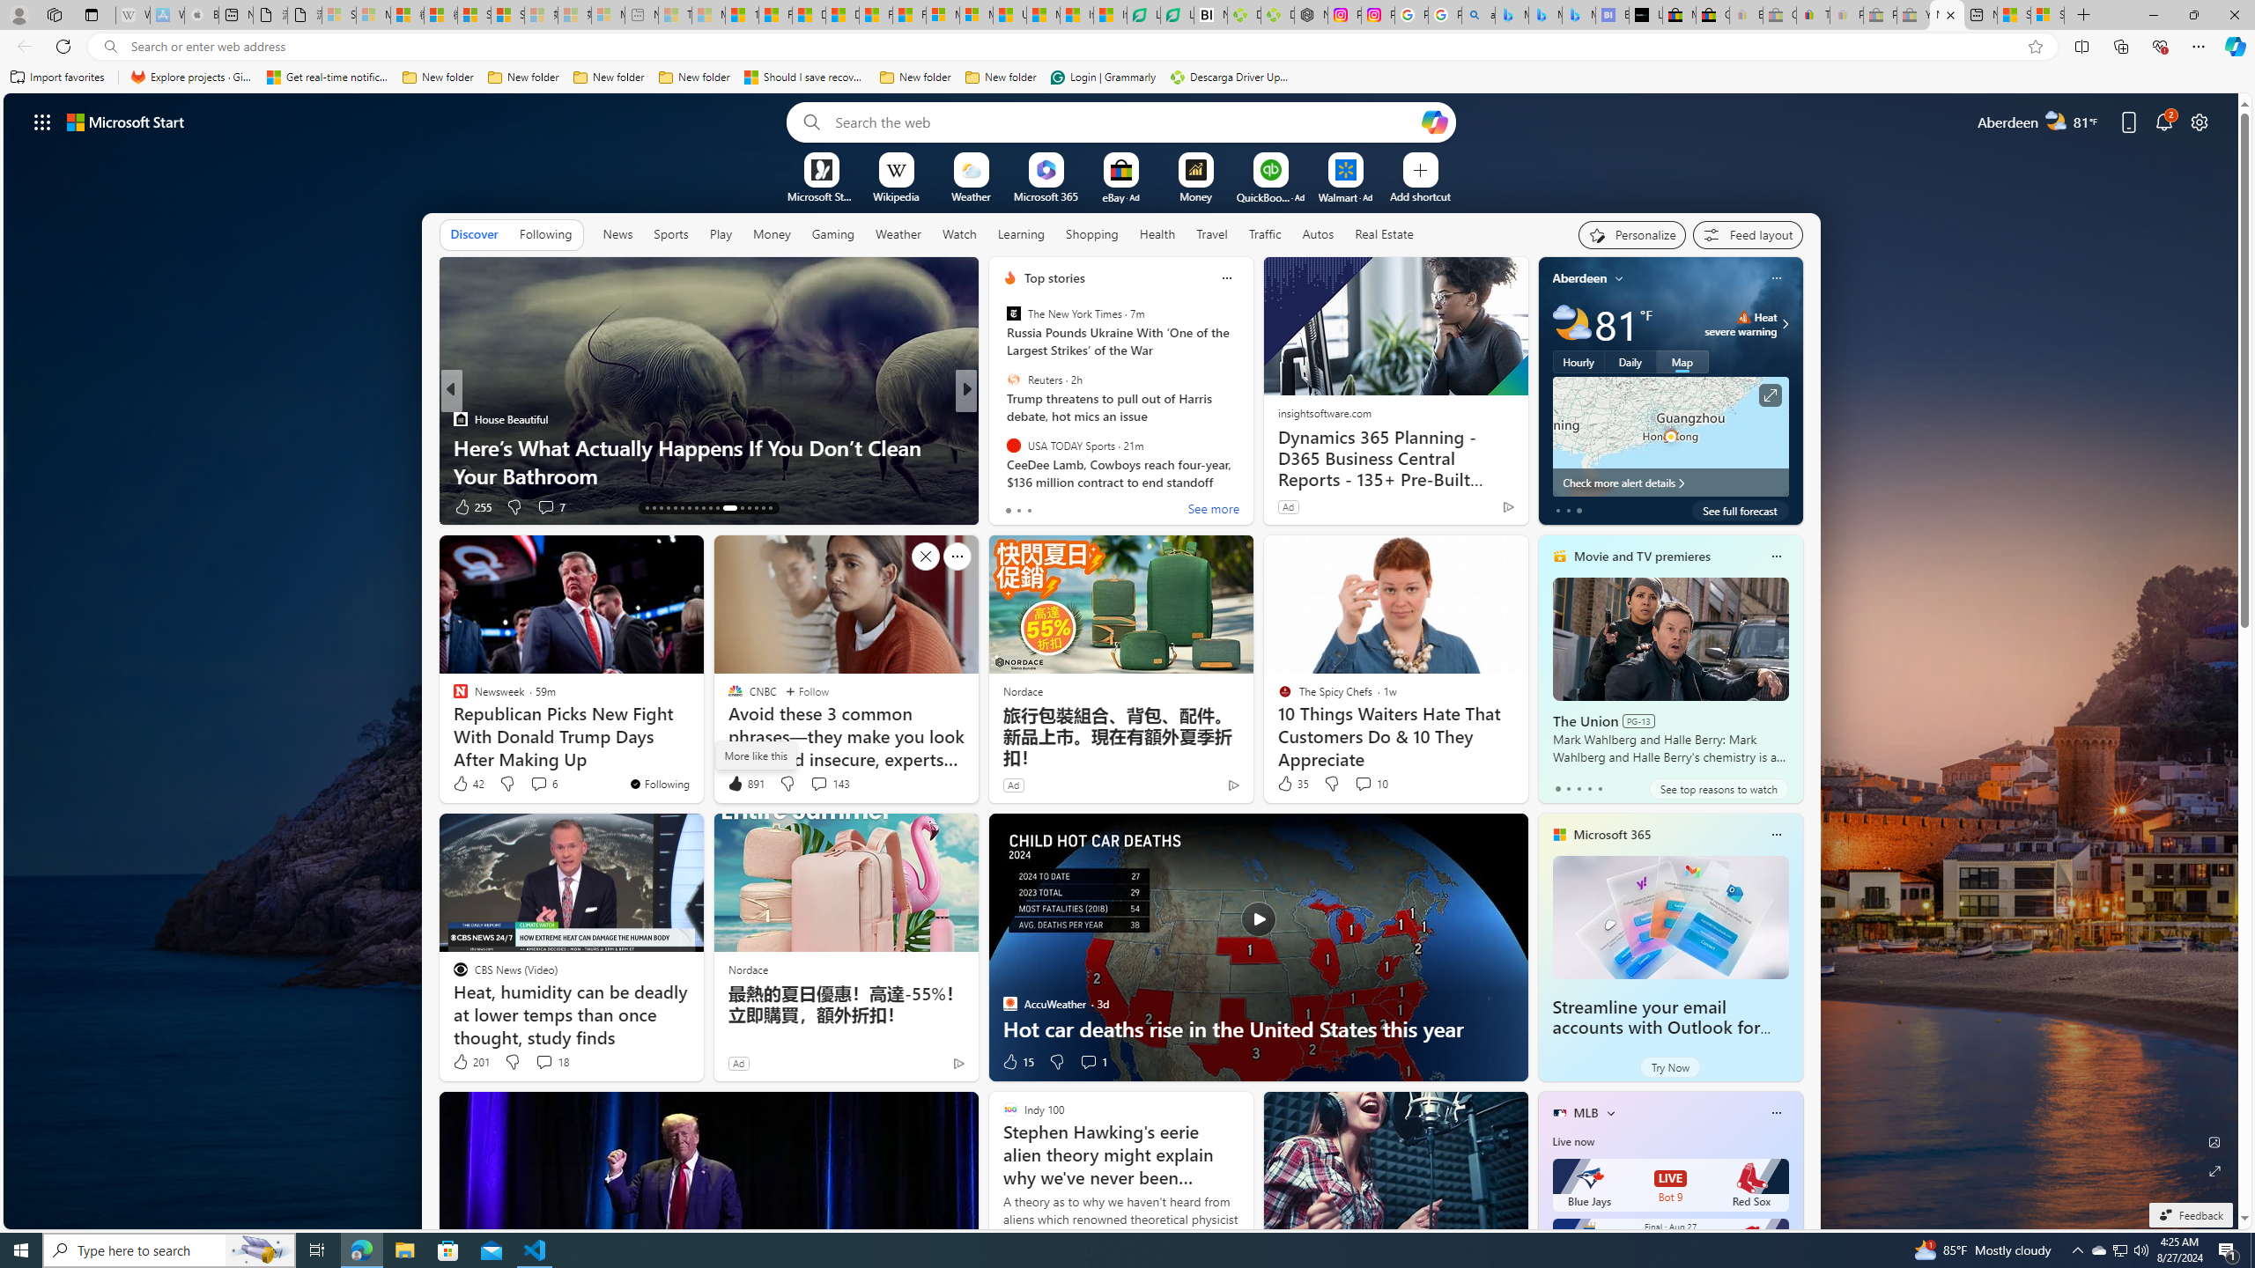 The width and height of the screenshot is (2255, 1268). Describe the element at coordinates (1741, 323) in the screenshot. I see `'Heat - Severe Heat severe warning'` at that location.